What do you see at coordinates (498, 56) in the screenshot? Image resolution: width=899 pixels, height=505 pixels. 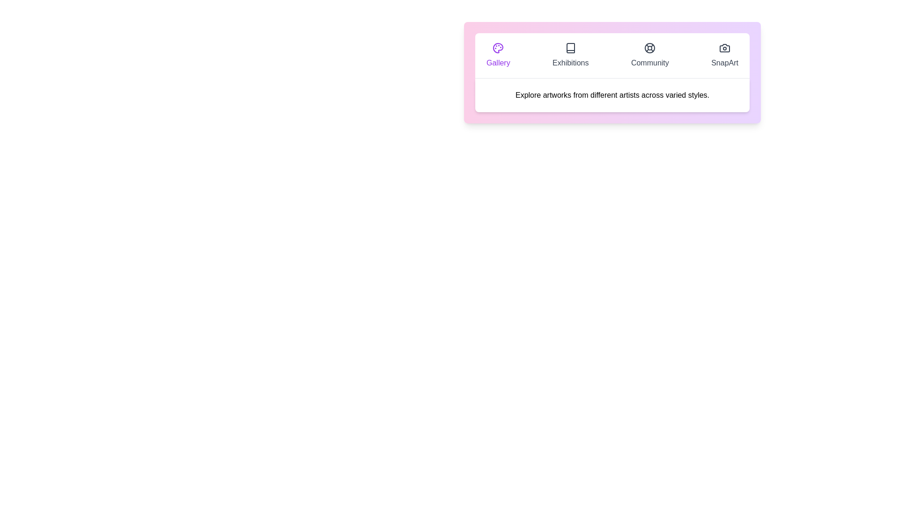 I see `the tab labeled Gallery` at bounding box center [498, 56].